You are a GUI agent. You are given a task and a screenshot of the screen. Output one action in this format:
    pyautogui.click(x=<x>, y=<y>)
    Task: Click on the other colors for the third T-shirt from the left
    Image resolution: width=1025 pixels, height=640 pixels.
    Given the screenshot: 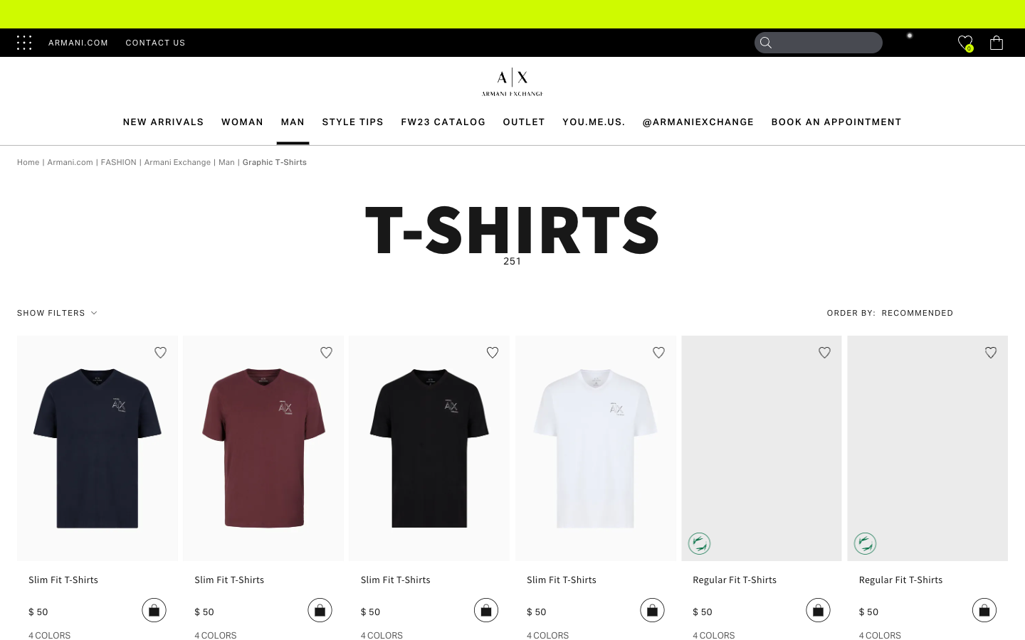 What is the action you would take?
    pyautogui.click(x=381, y=634)
    